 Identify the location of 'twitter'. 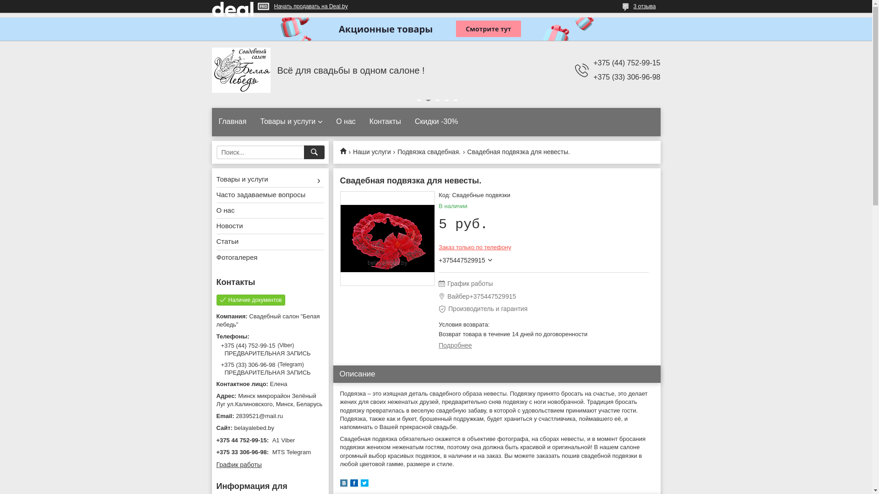
(360, 484).